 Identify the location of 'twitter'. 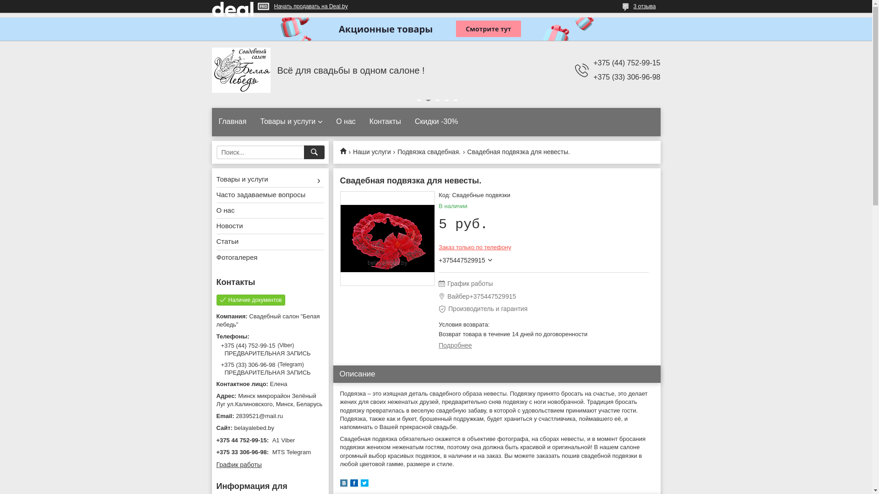
(360, 484).